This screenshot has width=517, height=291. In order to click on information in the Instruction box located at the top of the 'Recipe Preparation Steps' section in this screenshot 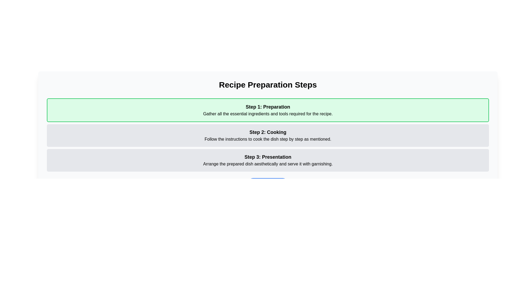, I will do `click(268, 110)`.